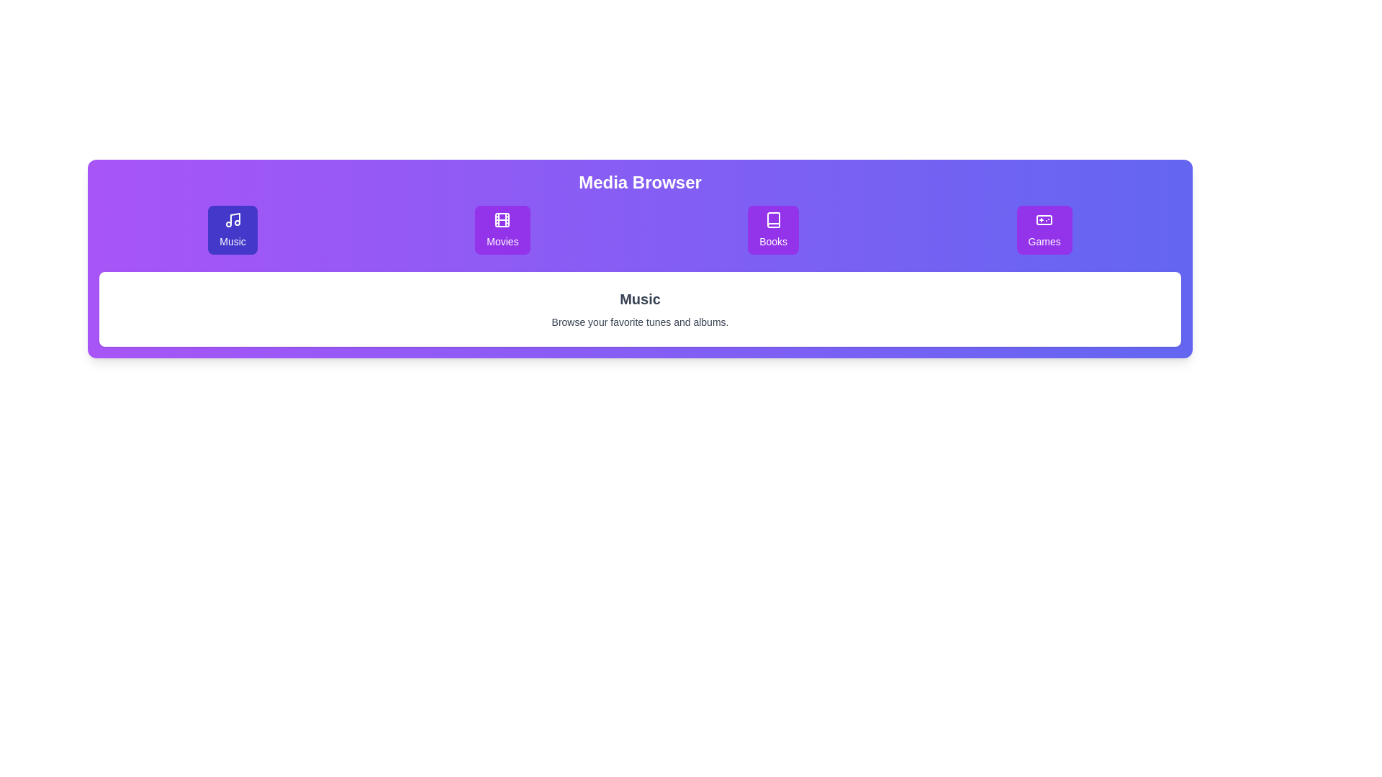 This screenshot has width=1382, height=777. Describe the element at coordinates (502, 219) in the screenshot. I see `the rounded rectangular shape within the 'Movies' icon that is styled with no visible fill` at that location.